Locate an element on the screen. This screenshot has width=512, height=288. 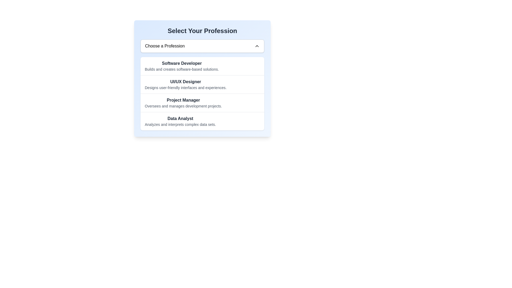
the list item displaying the title 'UI/UX Designer' and its description is located at coordinates (186, 84).